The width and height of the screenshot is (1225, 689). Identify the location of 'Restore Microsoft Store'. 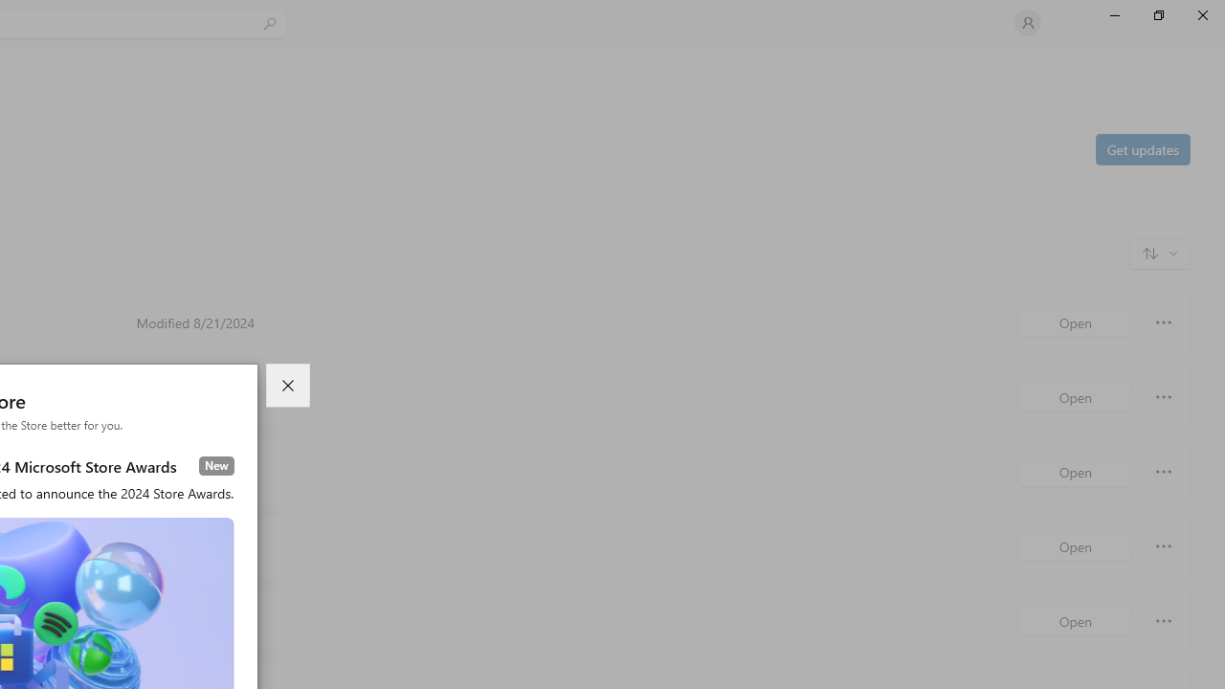
(1157, 14).